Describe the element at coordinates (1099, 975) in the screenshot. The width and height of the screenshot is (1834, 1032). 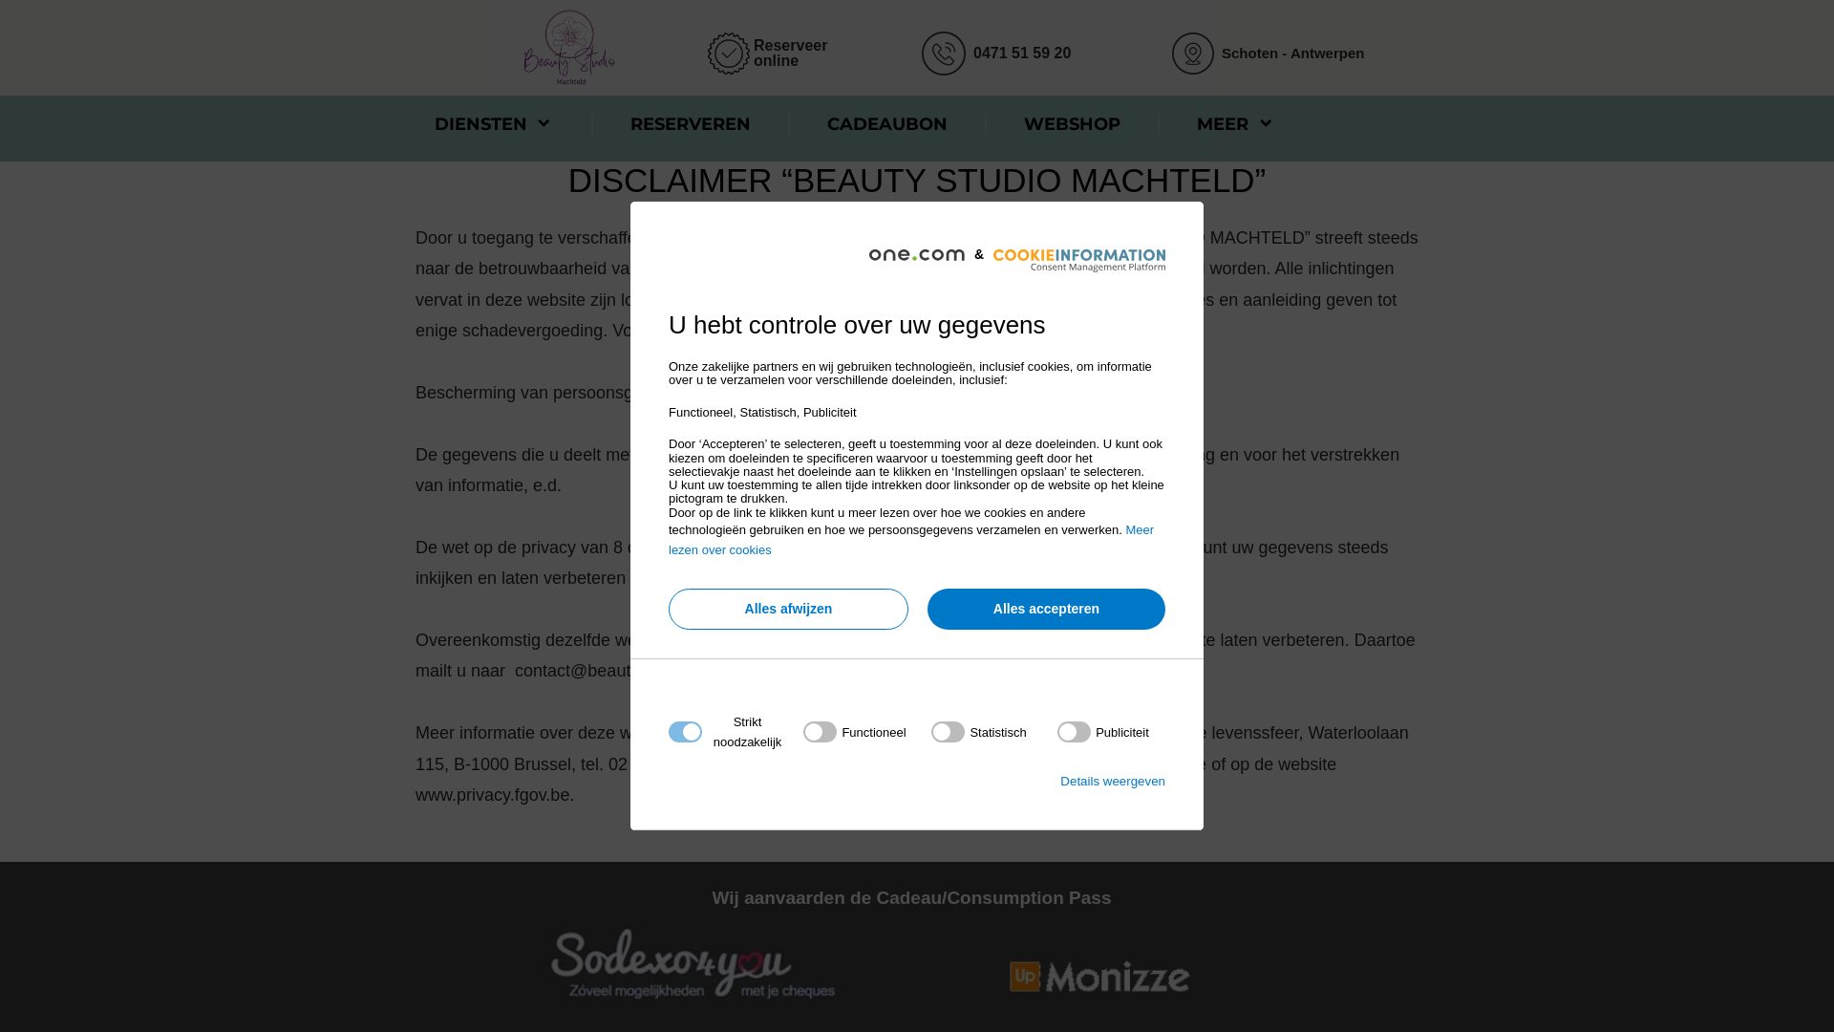
I see `'Cadeau Pass Monizze'` at that location.